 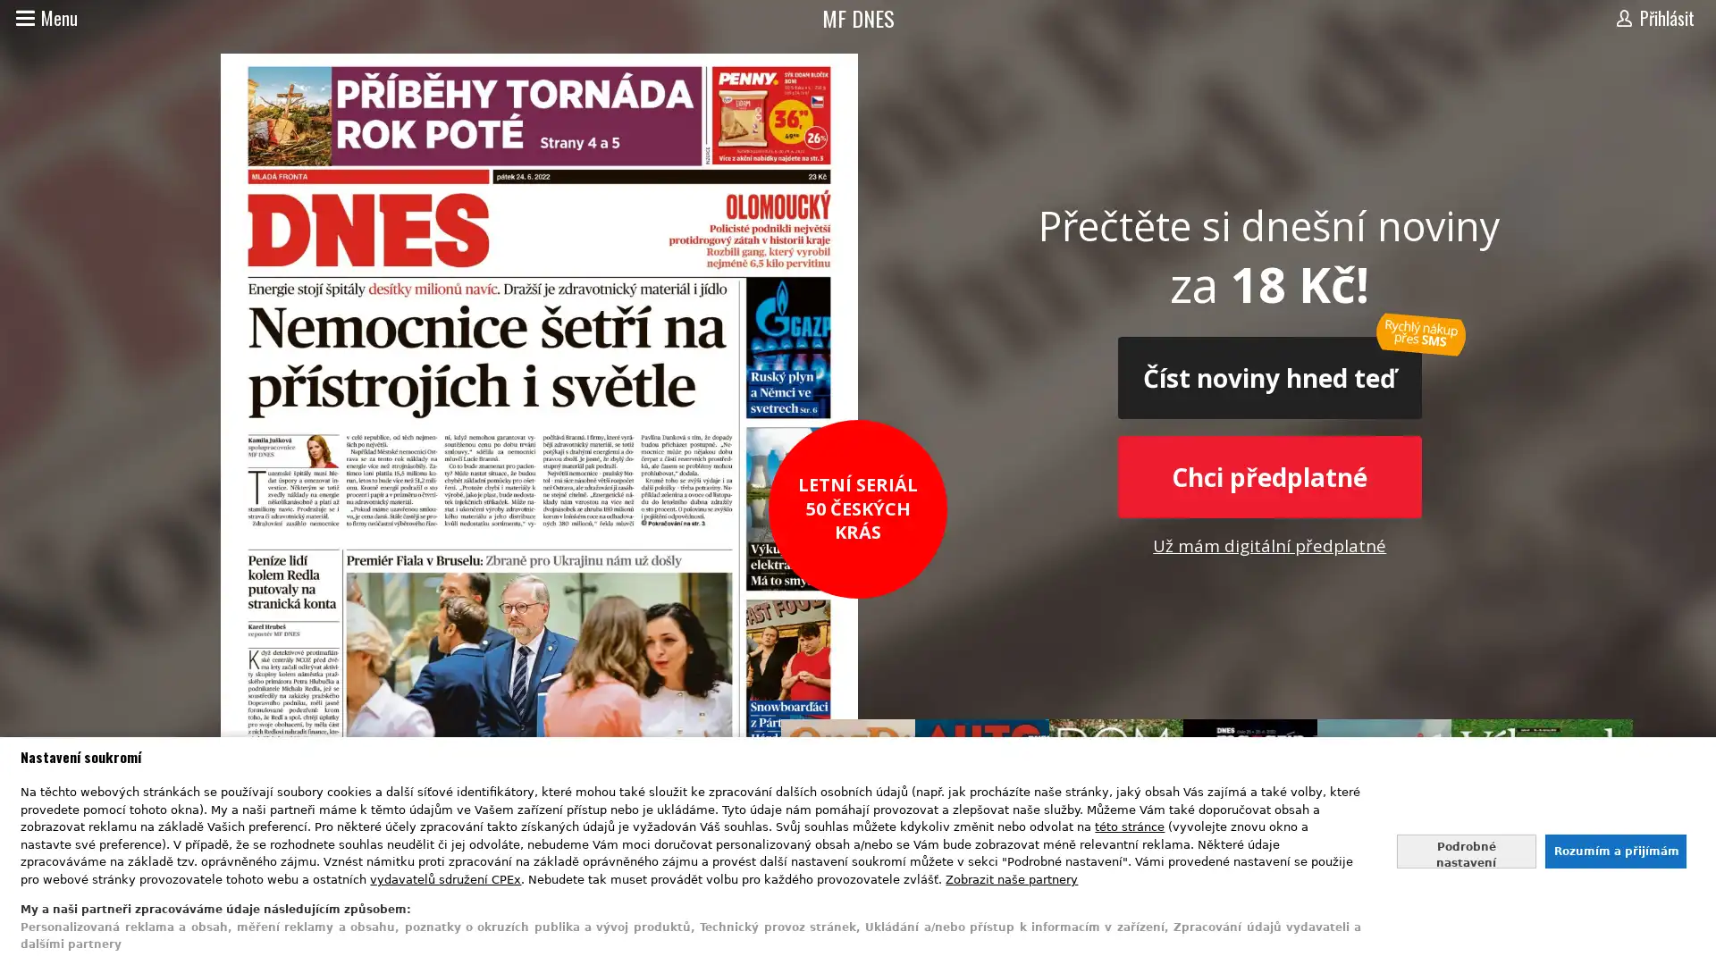 I want to click on Zobrazit nase partnery, so click(x=1012, y=877).